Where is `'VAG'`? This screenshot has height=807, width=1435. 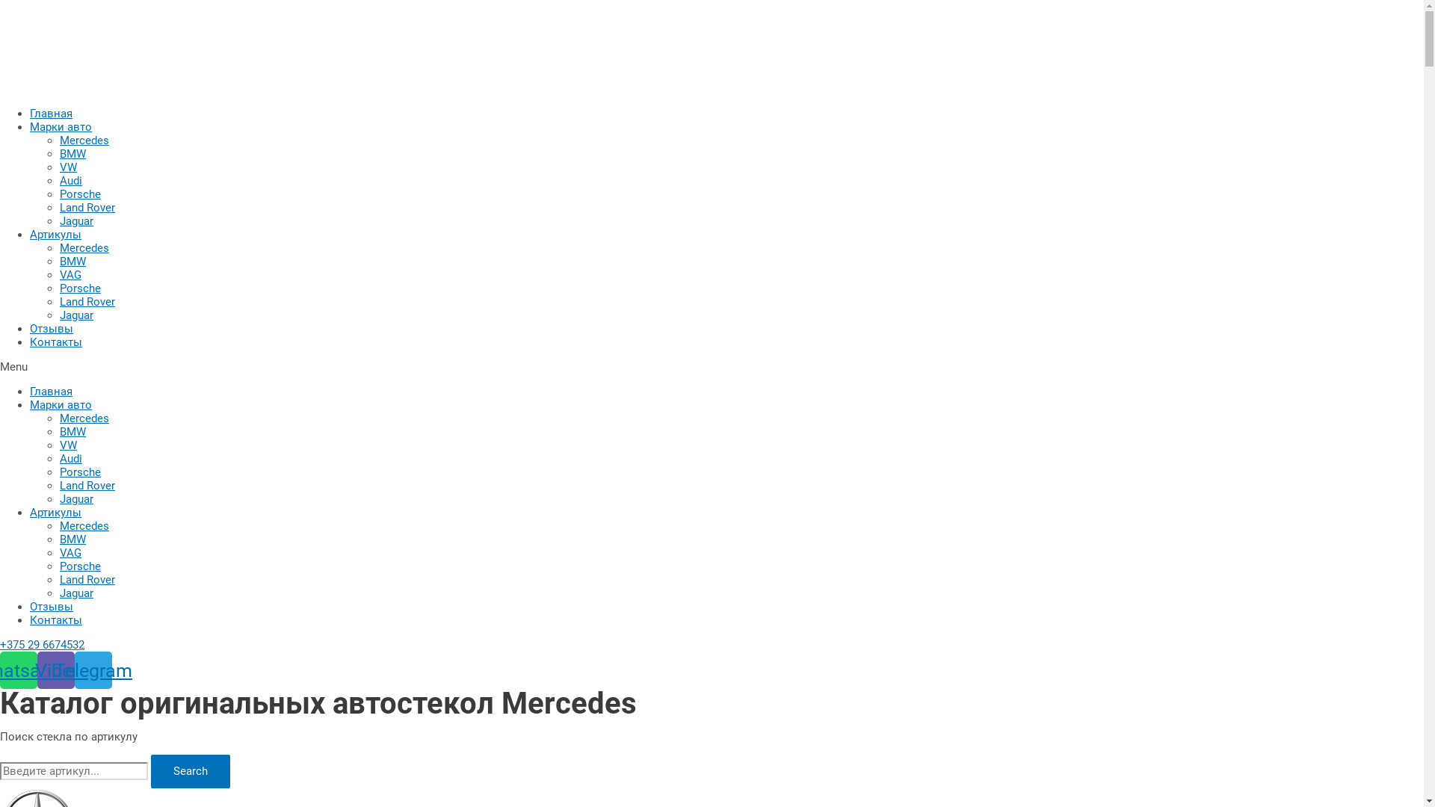 'VAG' is located at coordinates (60, 553).